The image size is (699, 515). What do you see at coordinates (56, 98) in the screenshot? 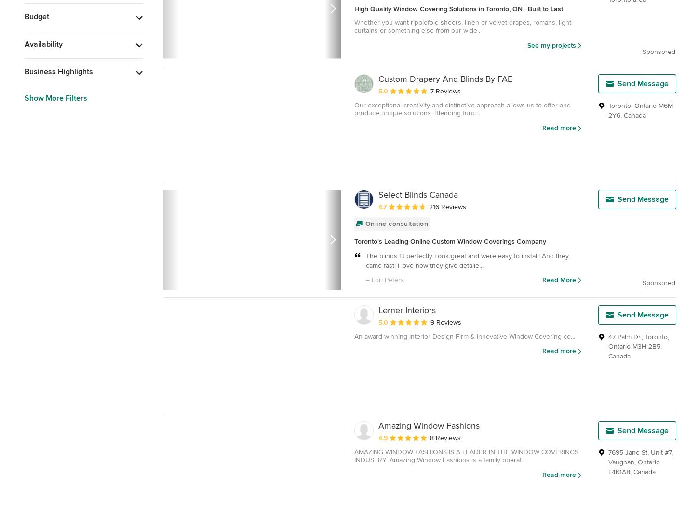
I see `'Show More Filters'` at bounding box center [56, 98].